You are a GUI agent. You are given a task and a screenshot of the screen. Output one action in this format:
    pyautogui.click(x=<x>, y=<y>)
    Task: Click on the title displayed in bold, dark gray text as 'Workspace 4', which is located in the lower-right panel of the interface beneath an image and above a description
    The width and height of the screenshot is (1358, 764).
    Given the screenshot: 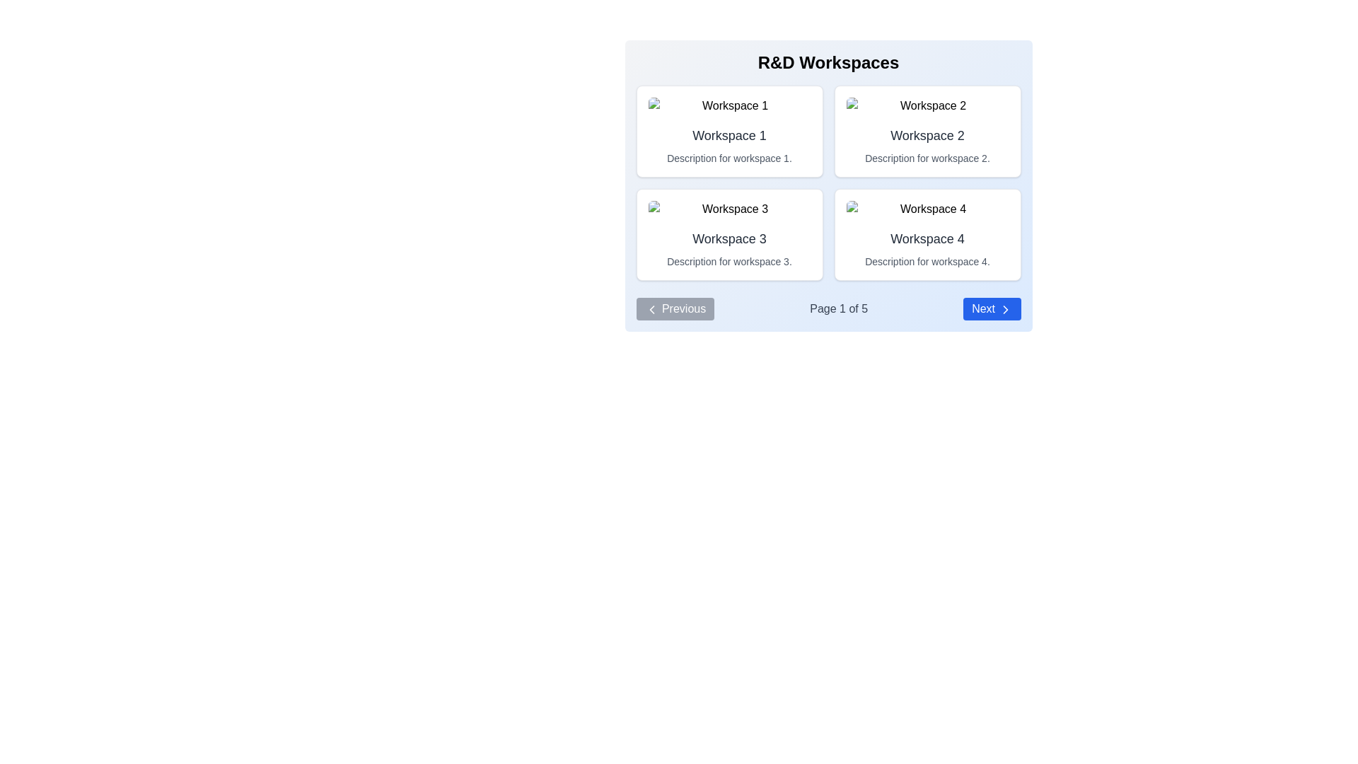 What is the action you would take?
    pyautogui.click(x=927, y=238)
    